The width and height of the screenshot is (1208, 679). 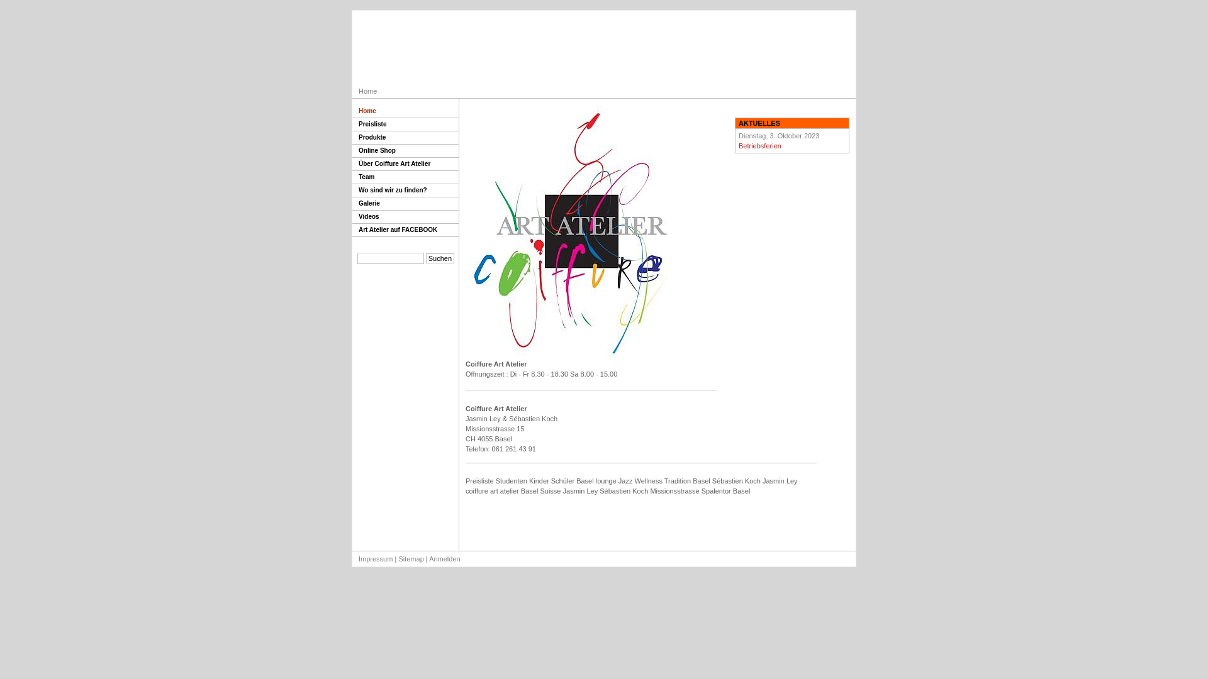 What do you see at coordinates (405, 230) in the screenshot?
I see `'Art Atelier auf FACEBOOK'` at bounding box center [405, 230].